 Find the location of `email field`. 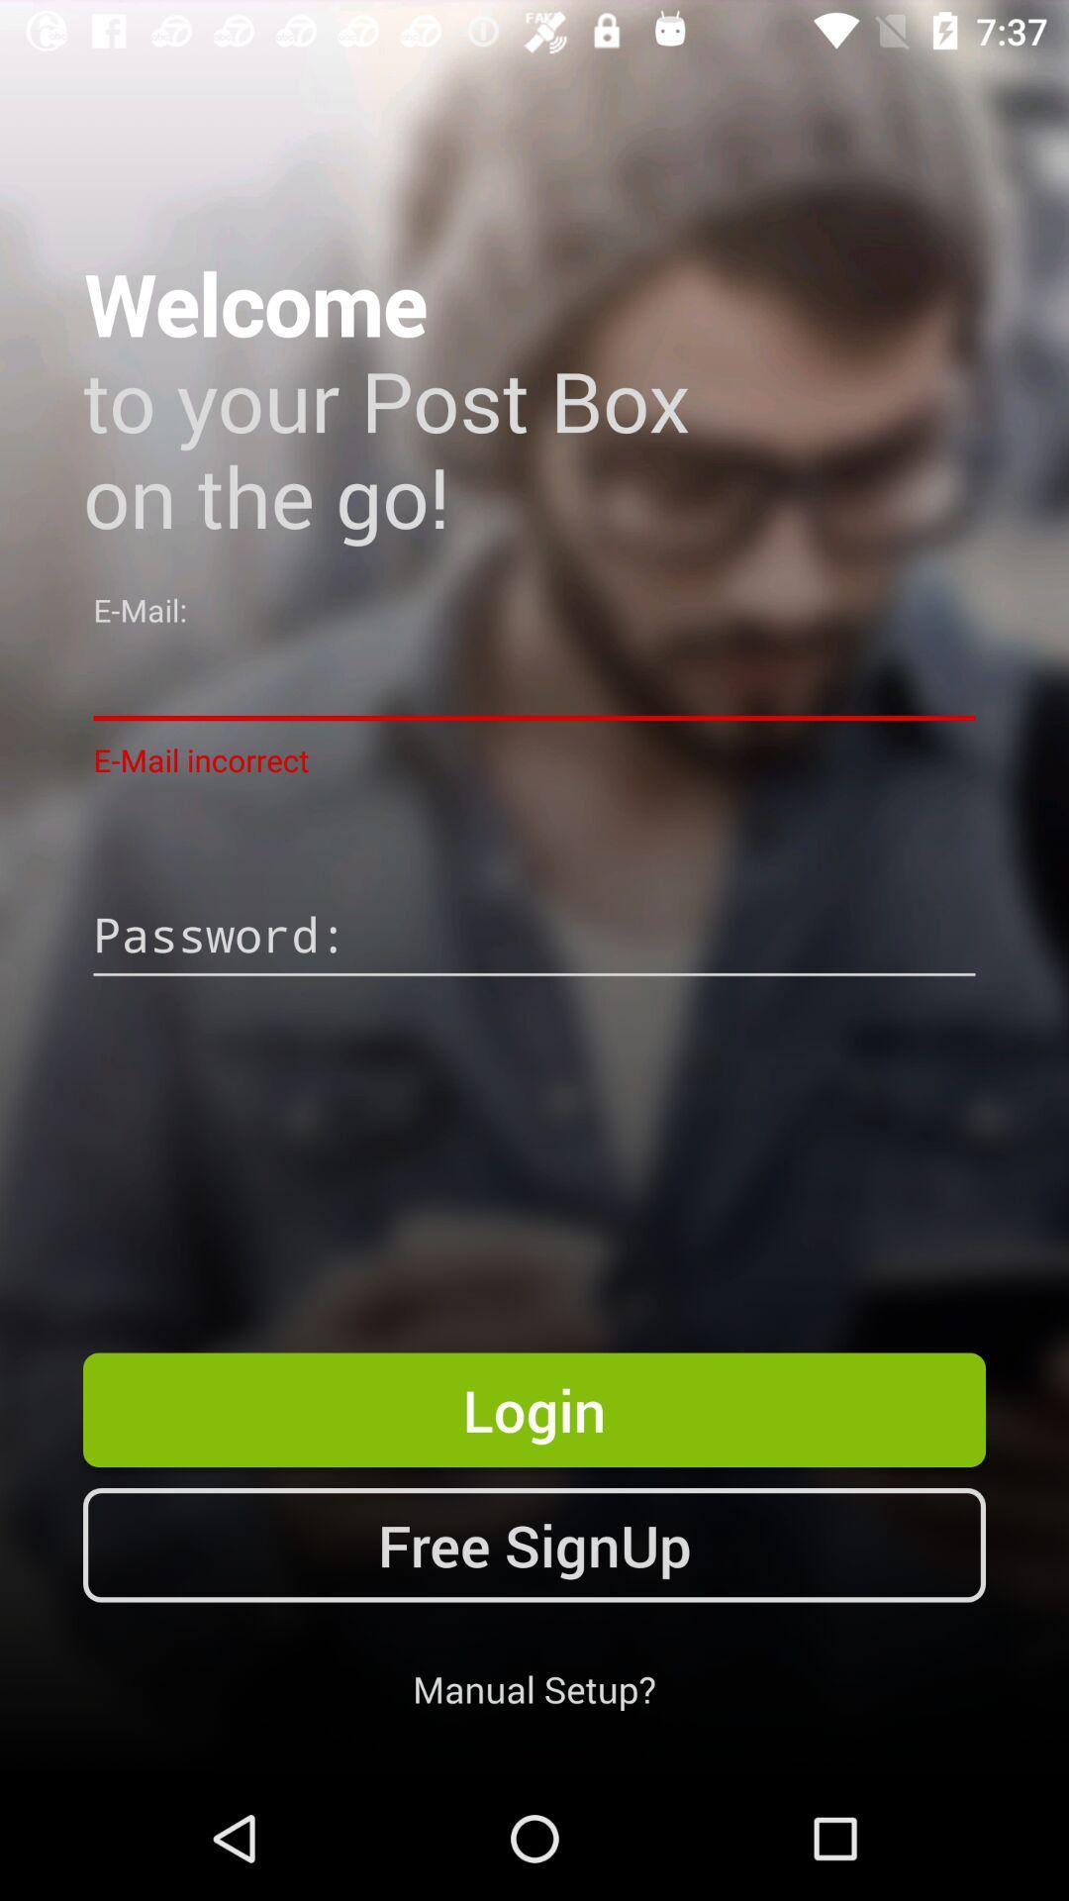

email field is located at coordinates (534, 679).